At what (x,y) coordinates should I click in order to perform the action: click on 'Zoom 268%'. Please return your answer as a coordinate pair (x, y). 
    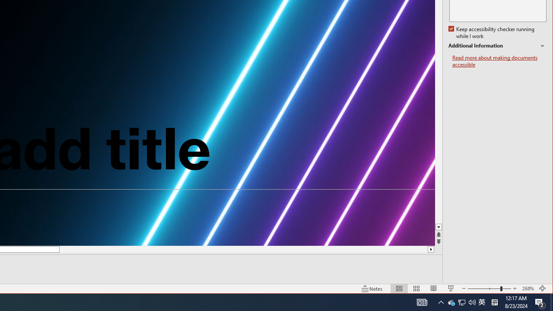
    Looking at the image, I should click on (528, 289).